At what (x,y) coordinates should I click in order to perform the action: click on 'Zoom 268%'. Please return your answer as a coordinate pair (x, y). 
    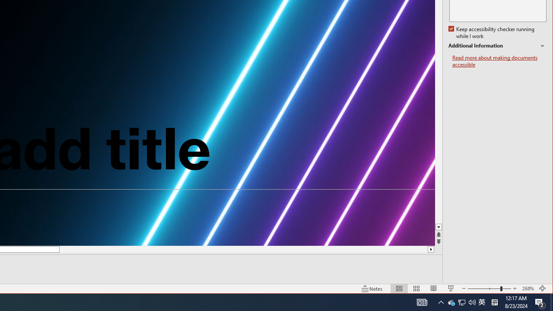
    Looking at the image, I should click on (528, 289).